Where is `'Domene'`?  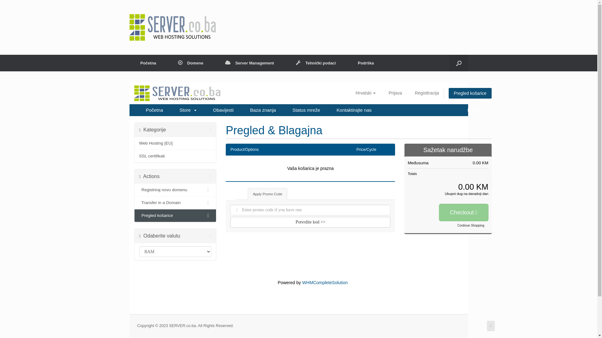
'Domene' is located at coordinates (190, 63).